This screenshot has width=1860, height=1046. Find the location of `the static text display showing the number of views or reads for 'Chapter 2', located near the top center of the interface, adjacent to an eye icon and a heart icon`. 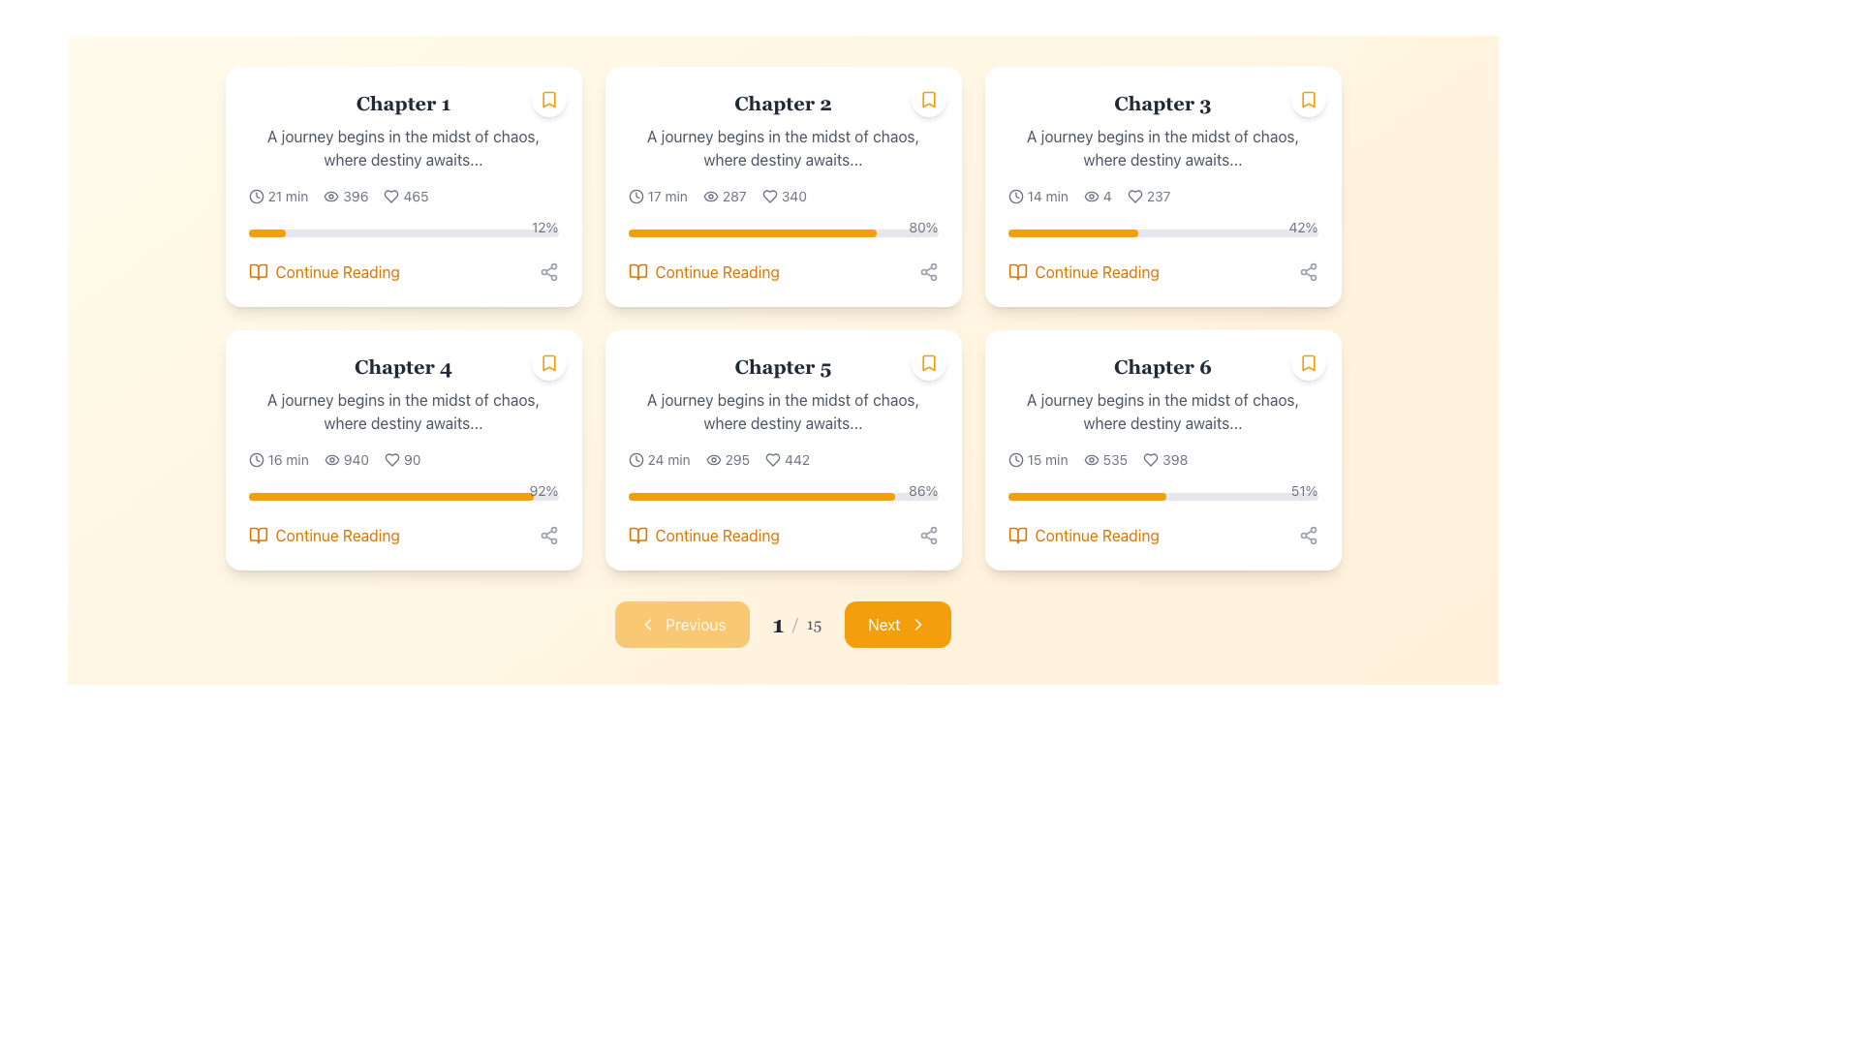

the static text display showing the number of views or reads for 'Chapter 2', located near the top center of the interface, adjacent to an eye icon and a heart icon is located at coordinates (733, 197).